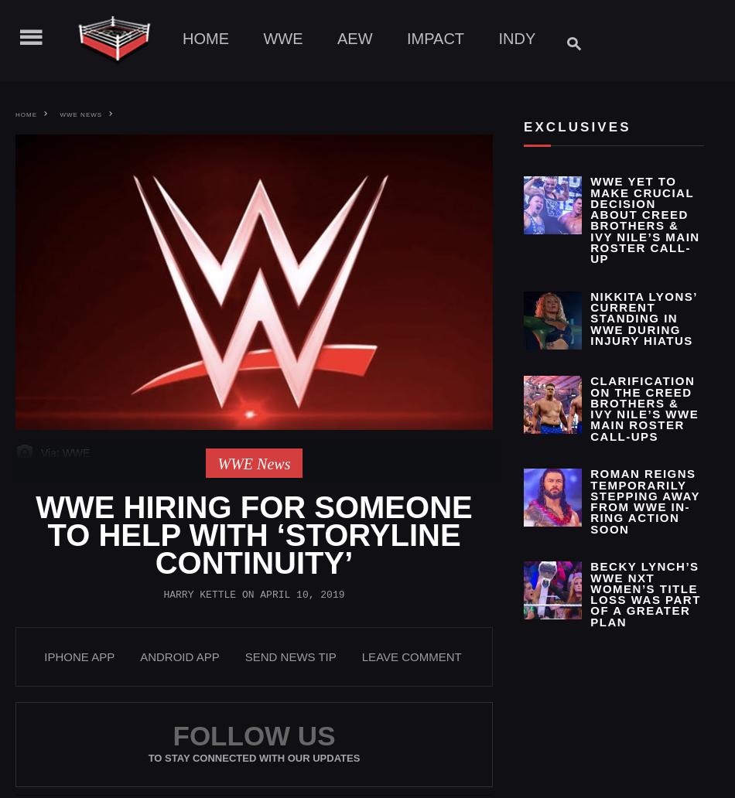  I want to click on 'WWE', so click(282, 38).